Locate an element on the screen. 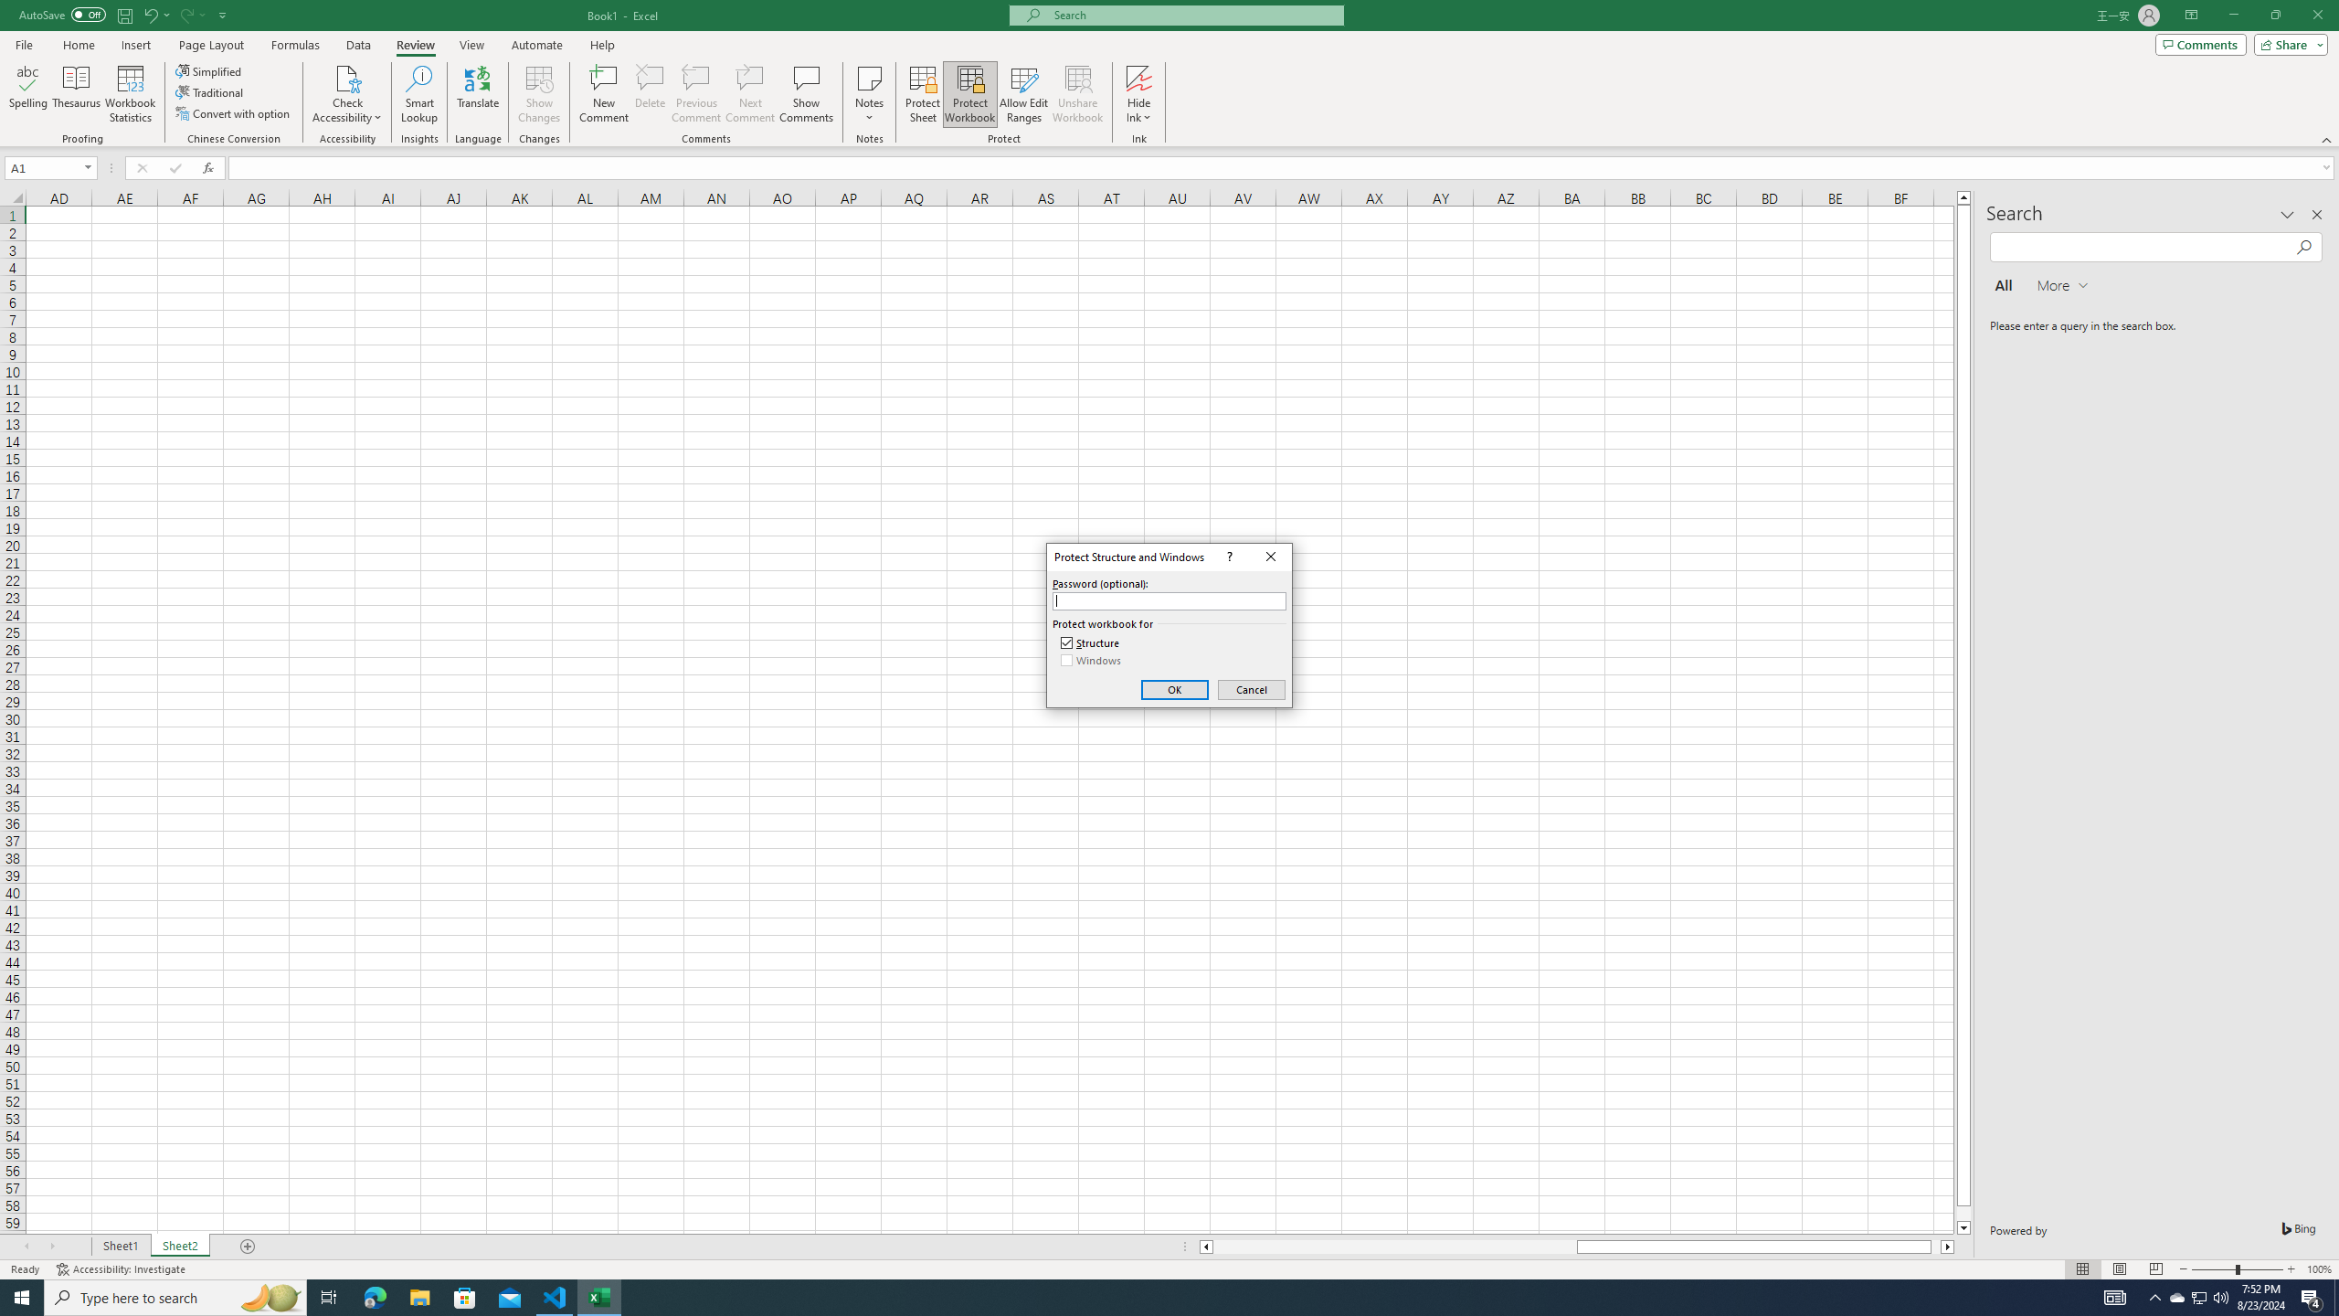 Image resolution: width=2339 pixels, height=1316 pixels. 'Task Pane Options' is located at coordinates (2286, 214).